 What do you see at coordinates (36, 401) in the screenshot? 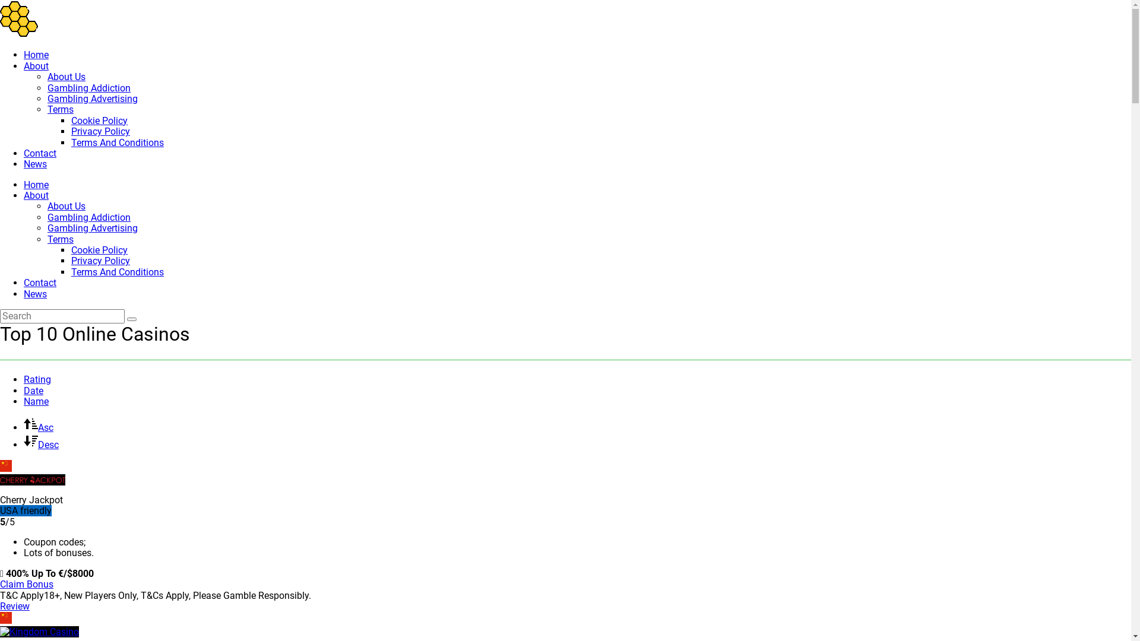
I see `'Name'` at bounding box center [36, 401].